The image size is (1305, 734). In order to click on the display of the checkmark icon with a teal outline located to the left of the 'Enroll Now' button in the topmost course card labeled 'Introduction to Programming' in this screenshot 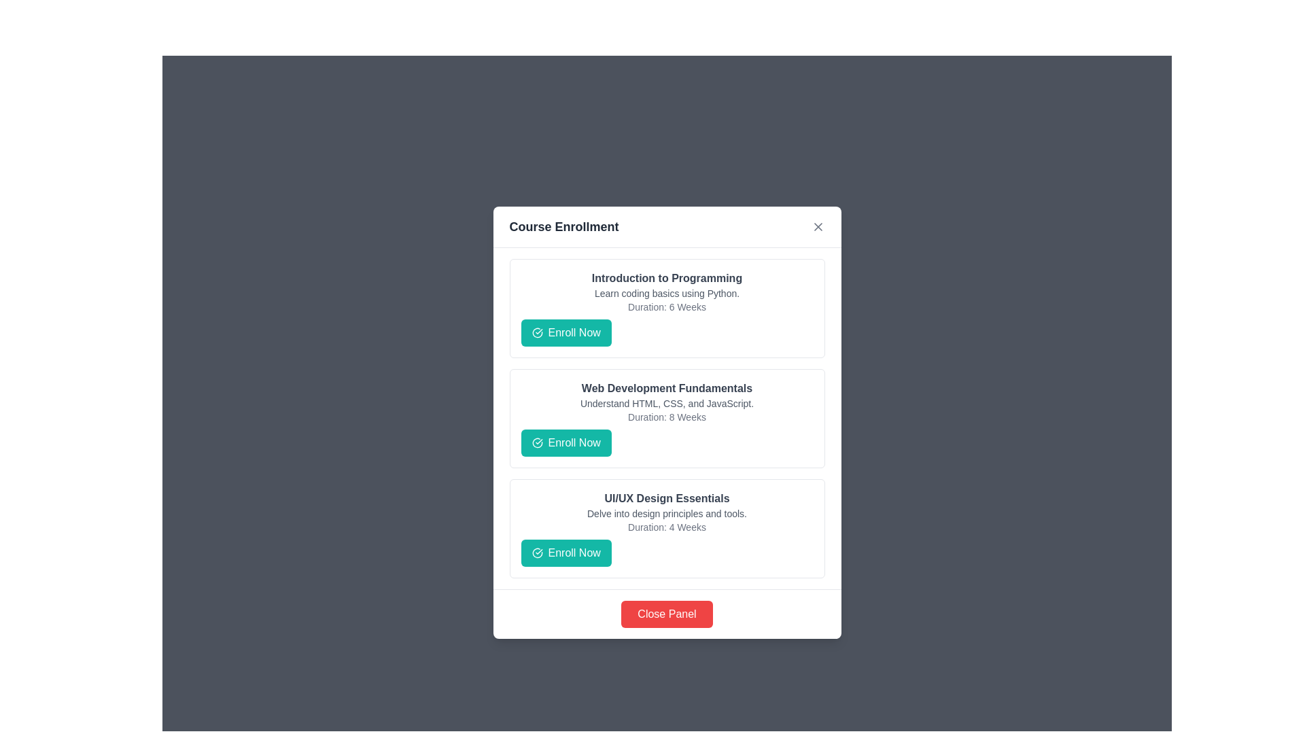, I will do `click(536, 332)`.